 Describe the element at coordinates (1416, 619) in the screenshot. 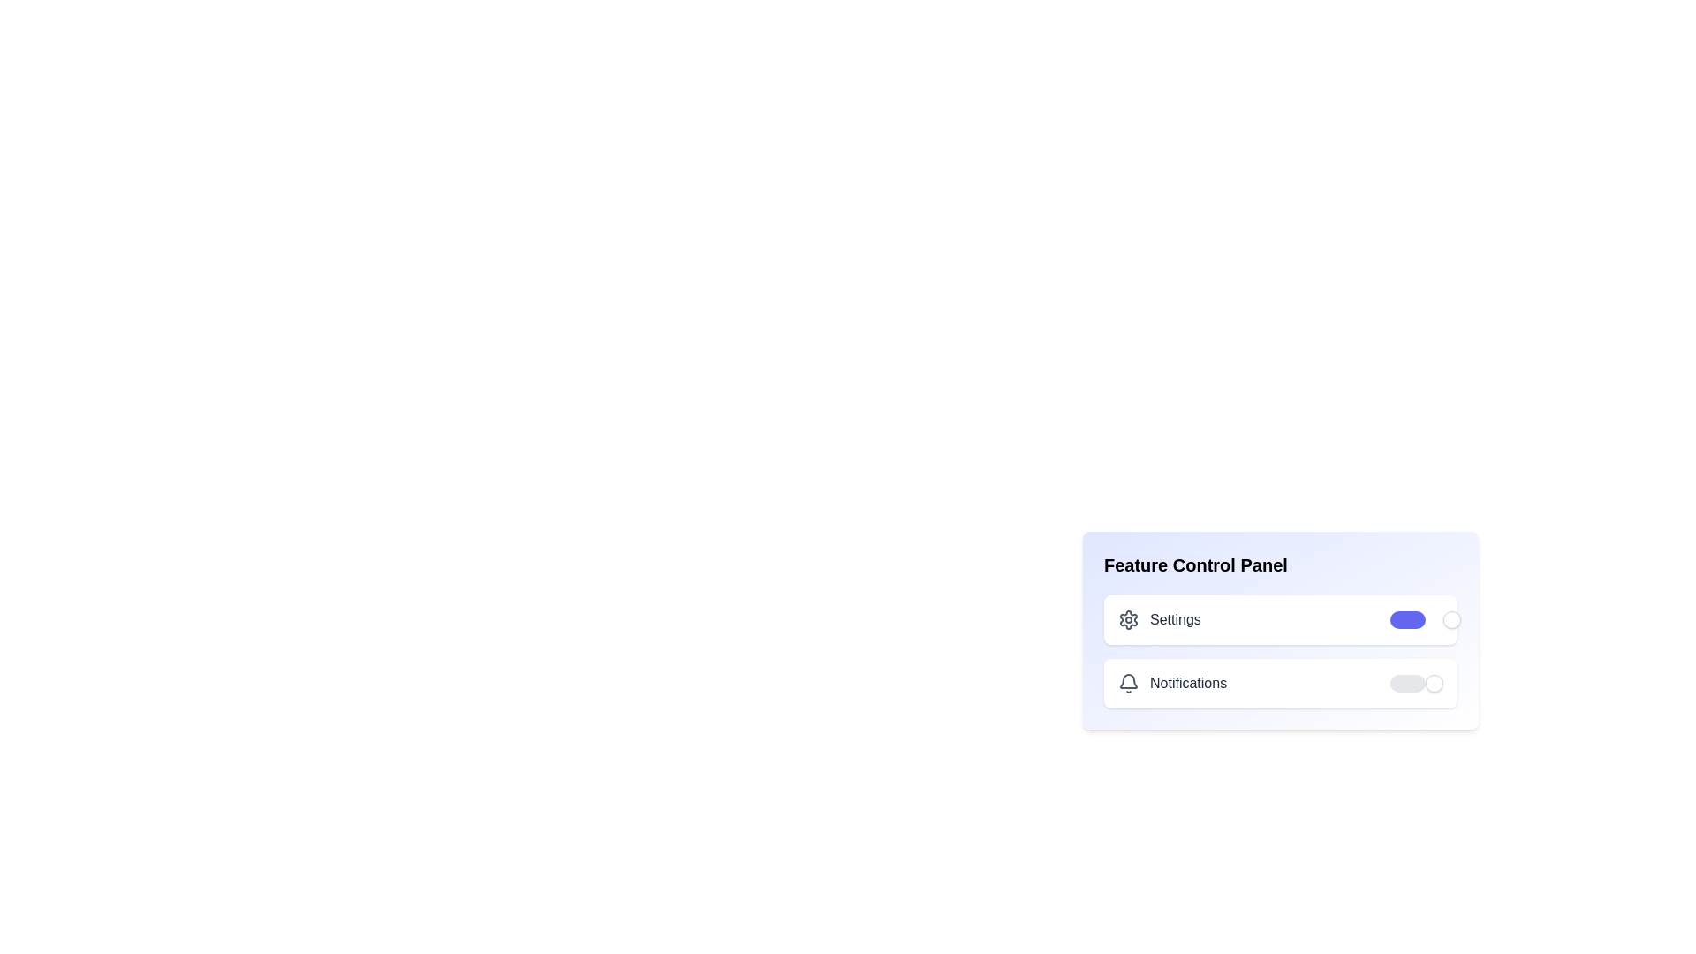

I see `the 'Settings' switch toggle to change its state` at that location.